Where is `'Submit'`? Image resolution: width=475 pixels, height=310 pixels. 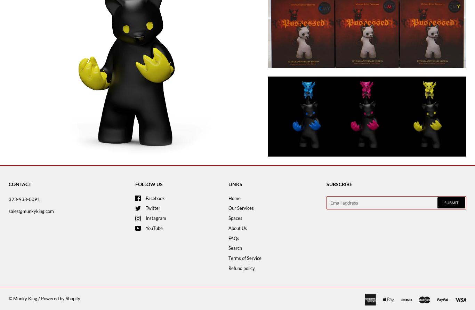
'Submit' is located at coordinates (444, 202).